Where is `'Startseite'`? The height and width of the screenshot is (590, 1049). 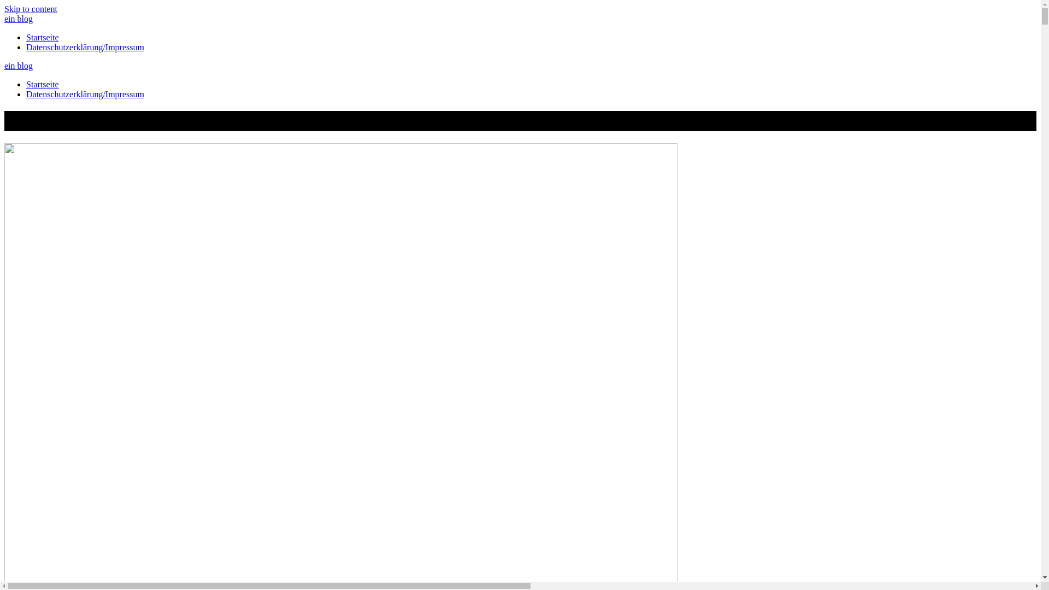
'Startseite' is located at coordinates (42, 84).